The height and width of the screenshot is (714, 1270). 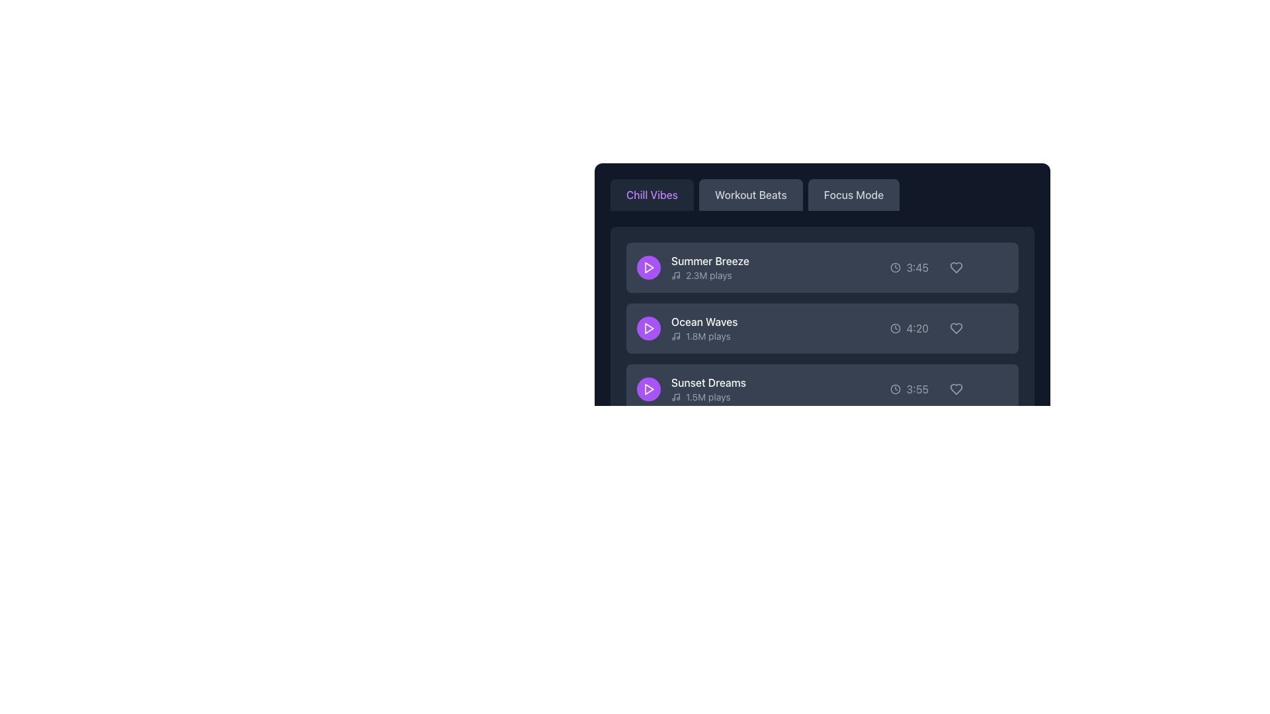 What do you see at coordinates (909, 268) in the screenshot?
I see `the Duration Indicator for the song 'Summer Breeze', which displays the song's duration in minutes and seconds, located next to the song title and before the heart icon` at bounding box center [909, 268].